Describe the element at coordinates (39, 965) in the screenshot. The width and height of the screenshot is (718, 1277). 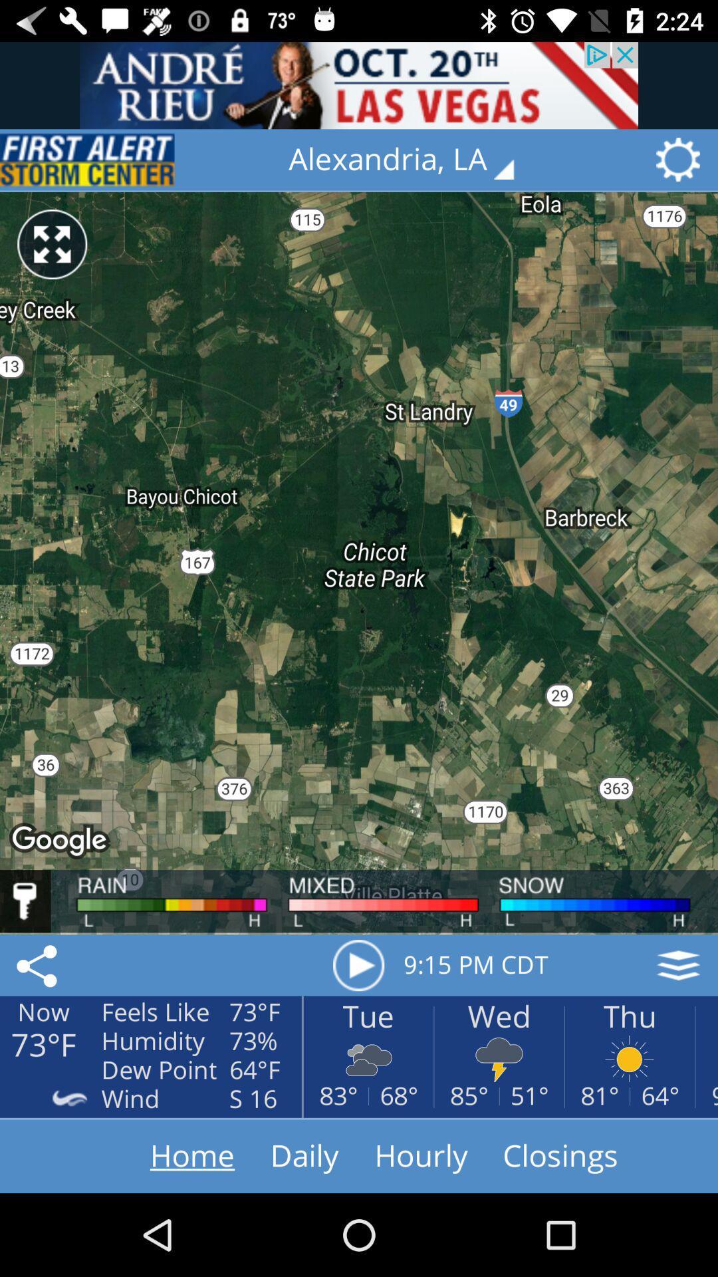
I see `the share icon` at that location.